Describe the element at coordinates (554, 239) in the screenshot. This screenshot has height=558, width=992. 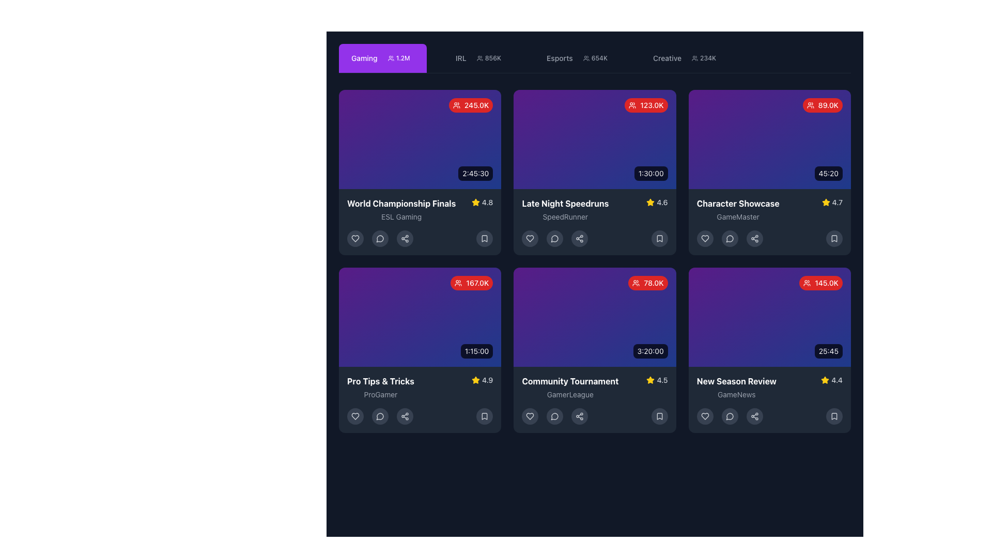
I see `the speech bubble icon located at the bottom of the 'Late Night Speedruns' card, positioned between the heart-shaped icon and the share icon` at that location.